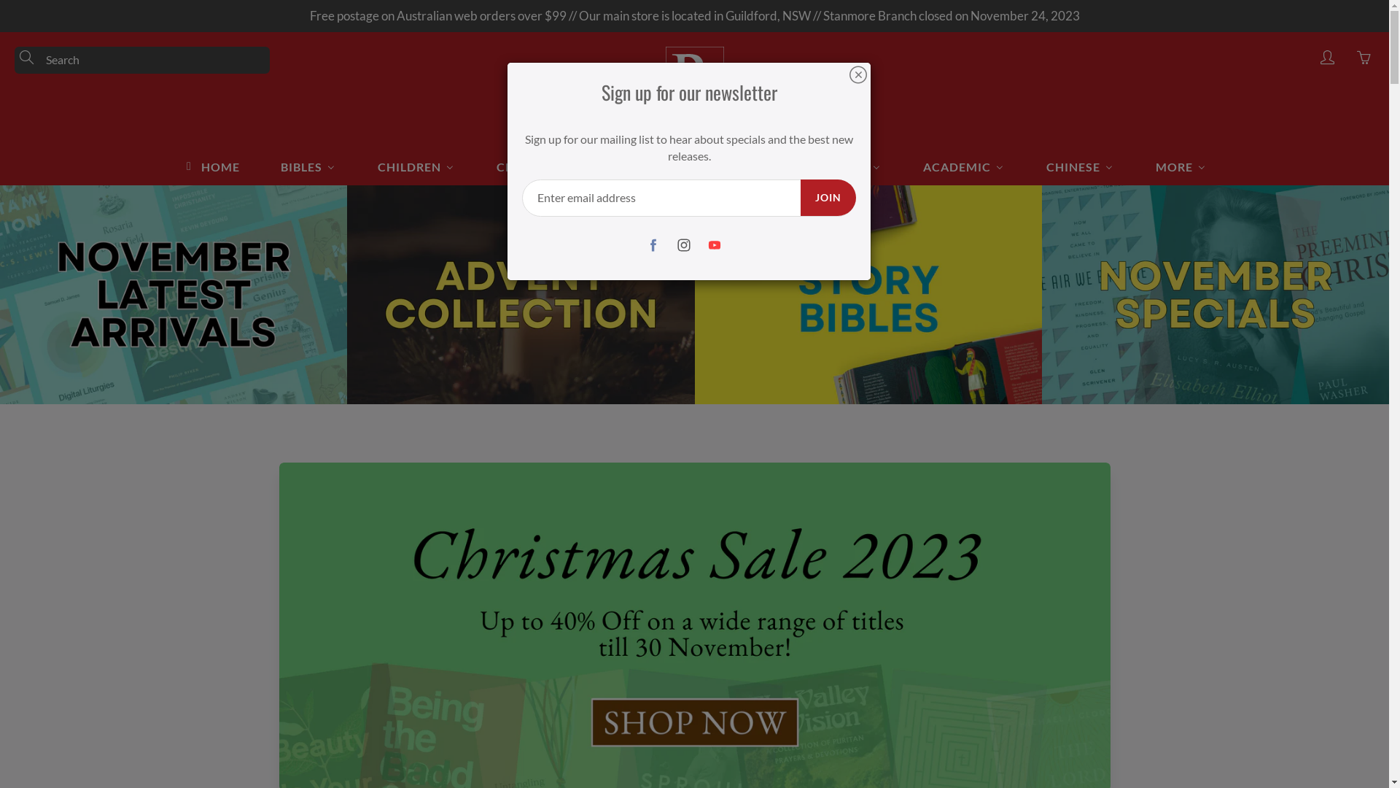  Describe the element at coordinates (901, 165) in the screenshot. I see `'ACADEMIC'` at that location.